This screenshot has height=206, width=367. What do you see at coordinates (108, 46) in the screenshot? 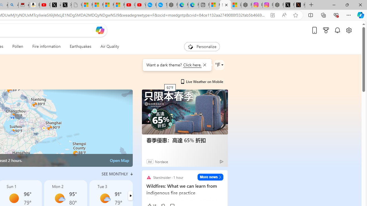
I see `'Air Quality'` at bounding box center [108, 46].